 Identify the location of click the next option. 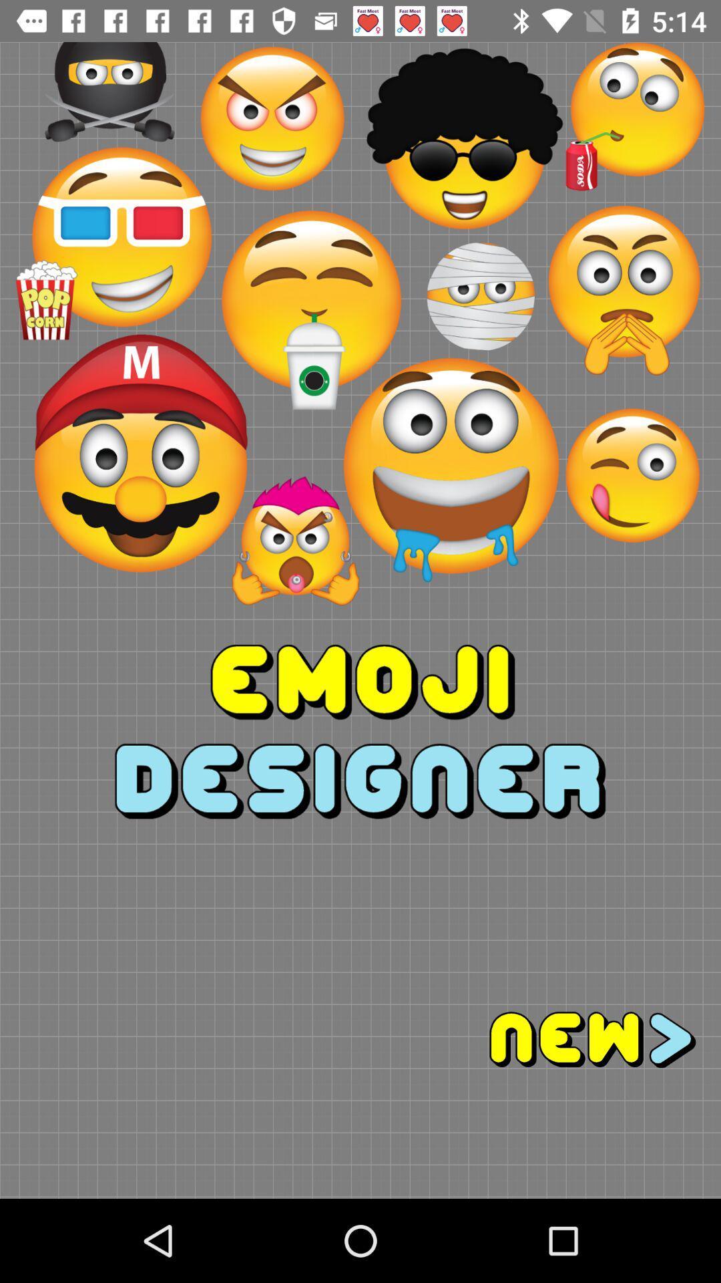
(541, 1039).